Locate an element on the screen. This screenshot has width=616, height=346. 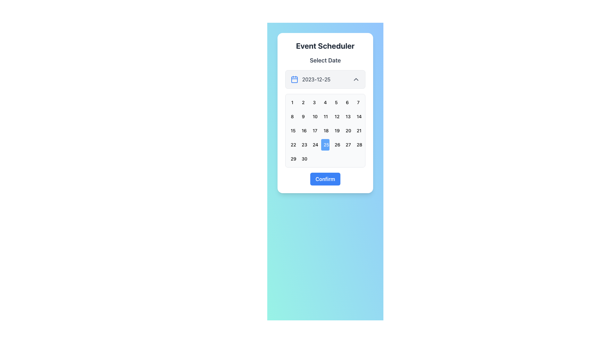
the text label that reads 'Select Date', which is styled in bold, dark gray font and is located at the top of the modal interface, directly below the header 'Event Scheduler' is located at coordinates (325, 61).